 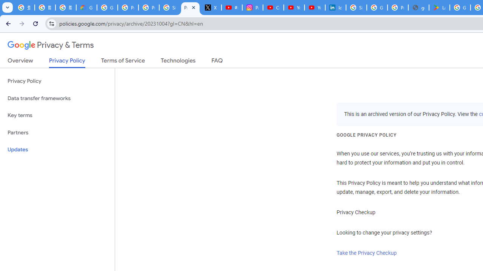 What do you see at coordinates (57, 98) in the screenshot?
I see `'Data transfer frameworks'` at bounding box center [57, 98].